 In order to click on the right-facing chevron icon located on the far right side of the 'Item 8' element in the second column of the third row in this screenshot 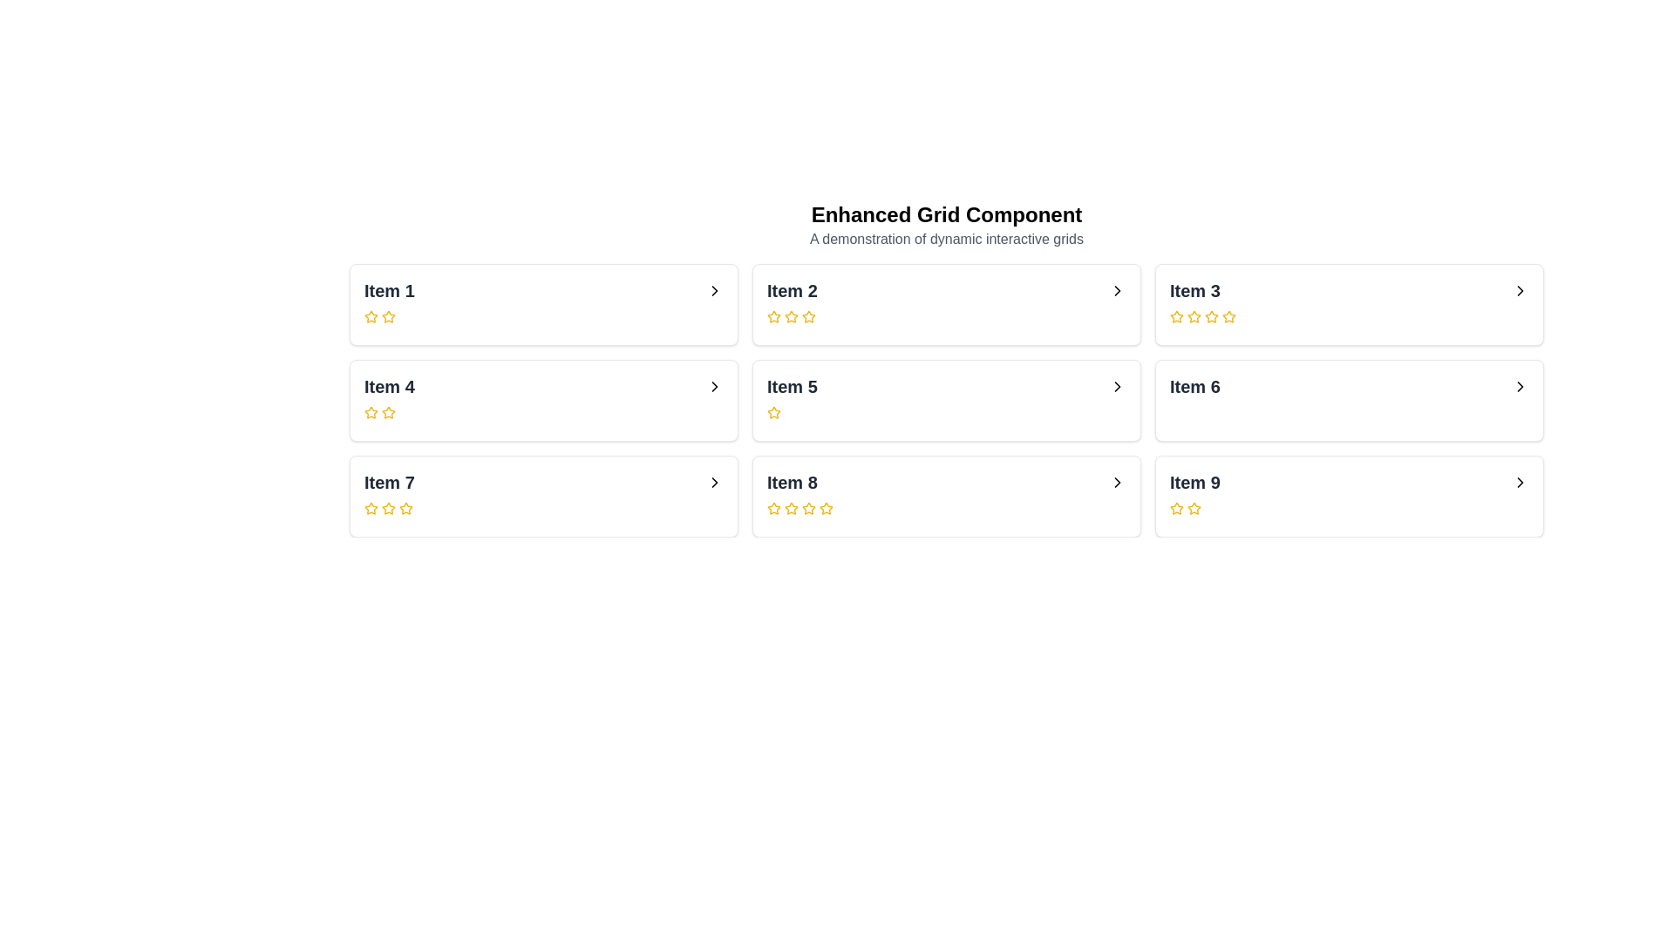, I will do `click(1117, 483)`.